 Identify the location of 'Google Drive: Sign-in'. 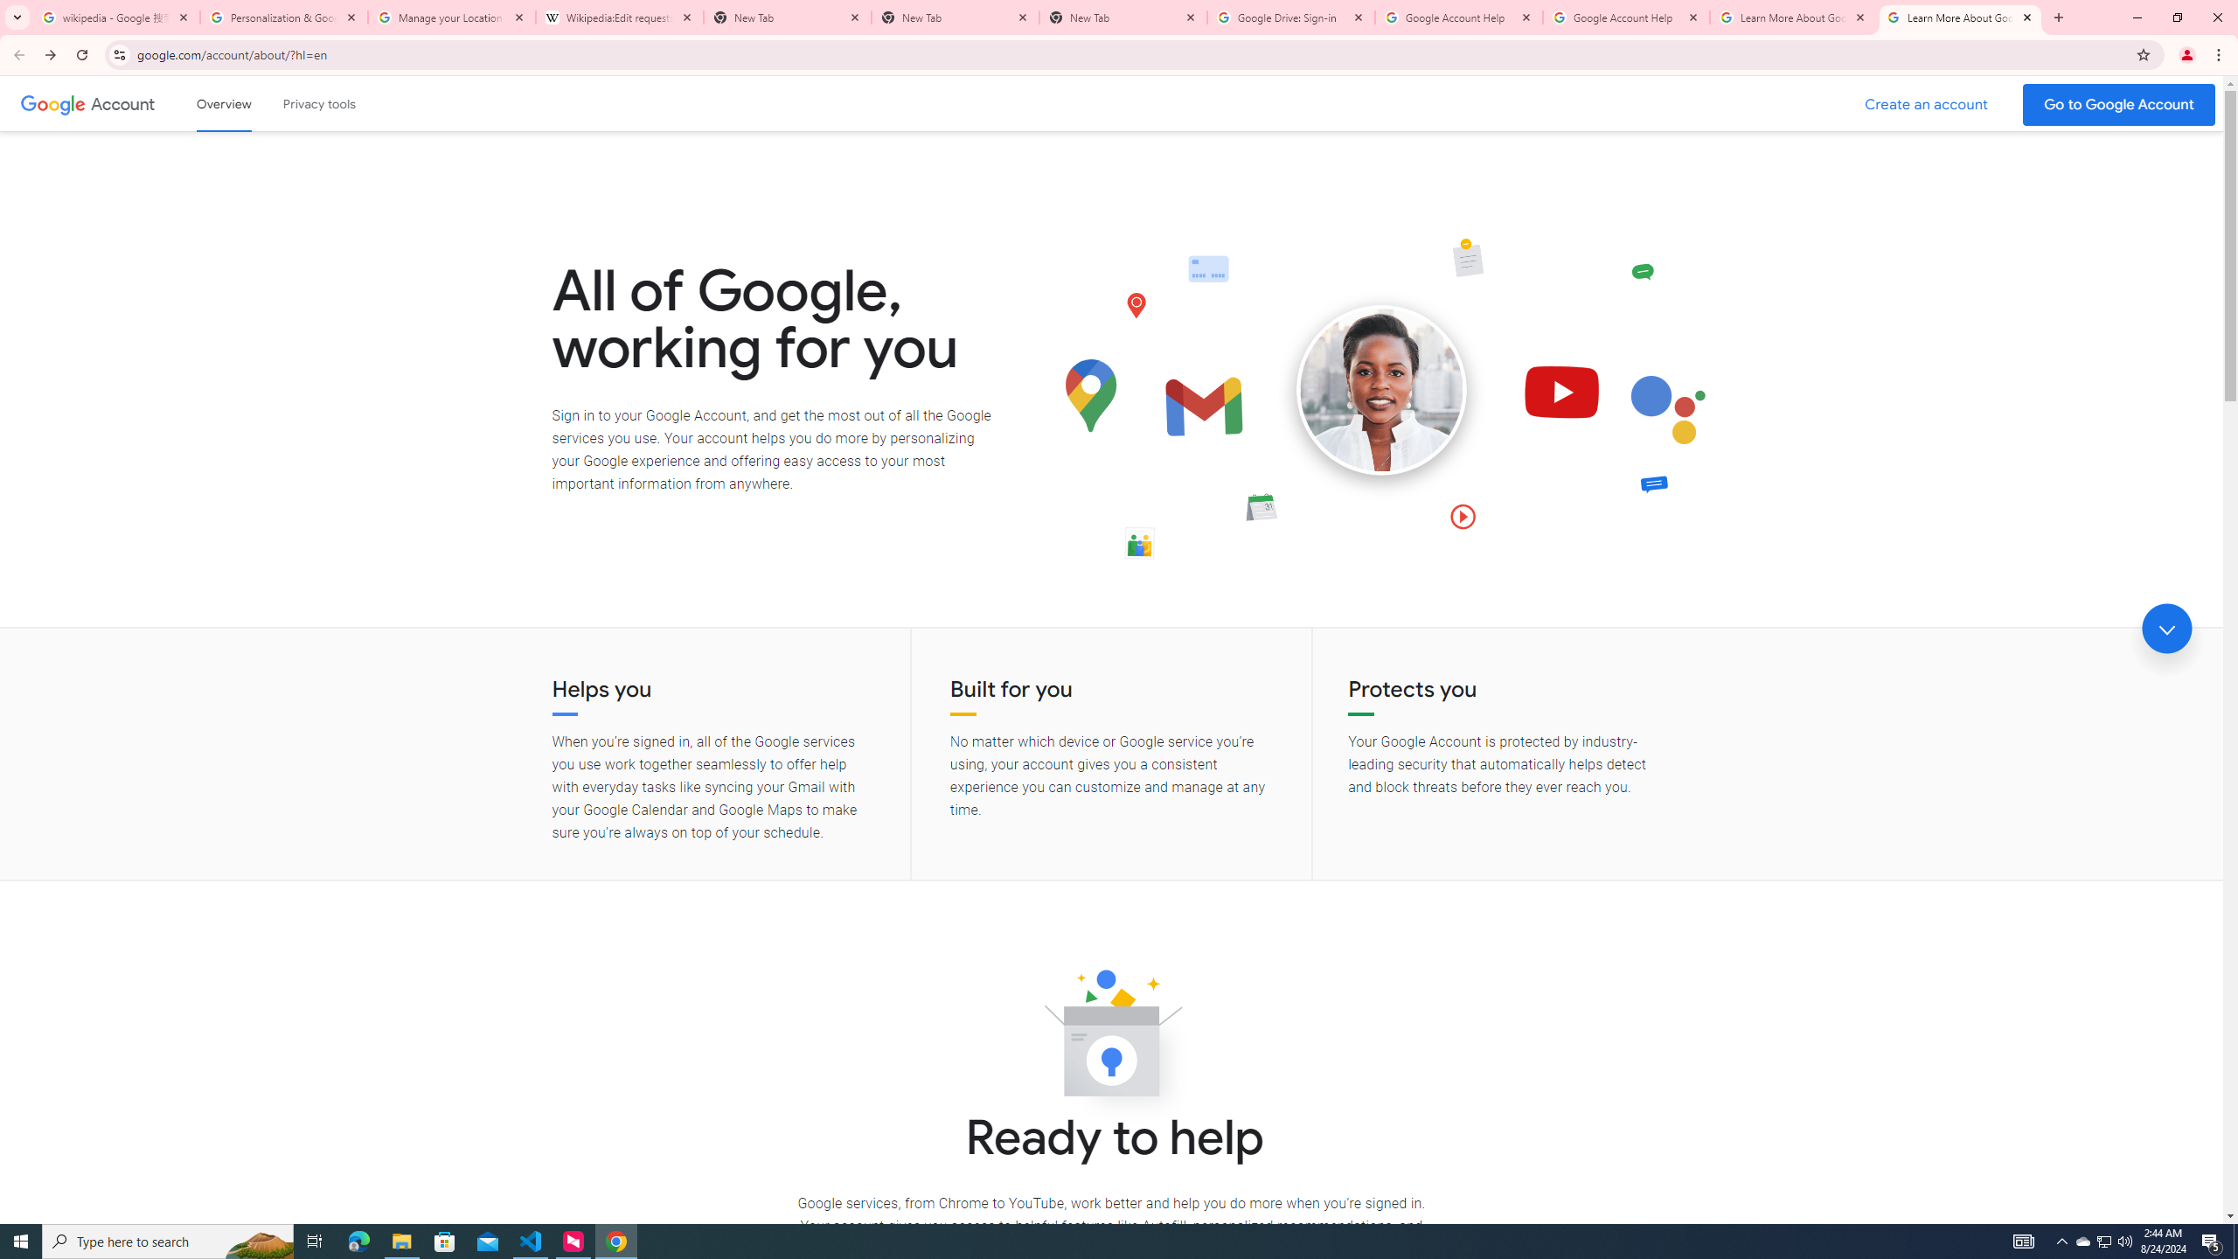
(1290, 17).